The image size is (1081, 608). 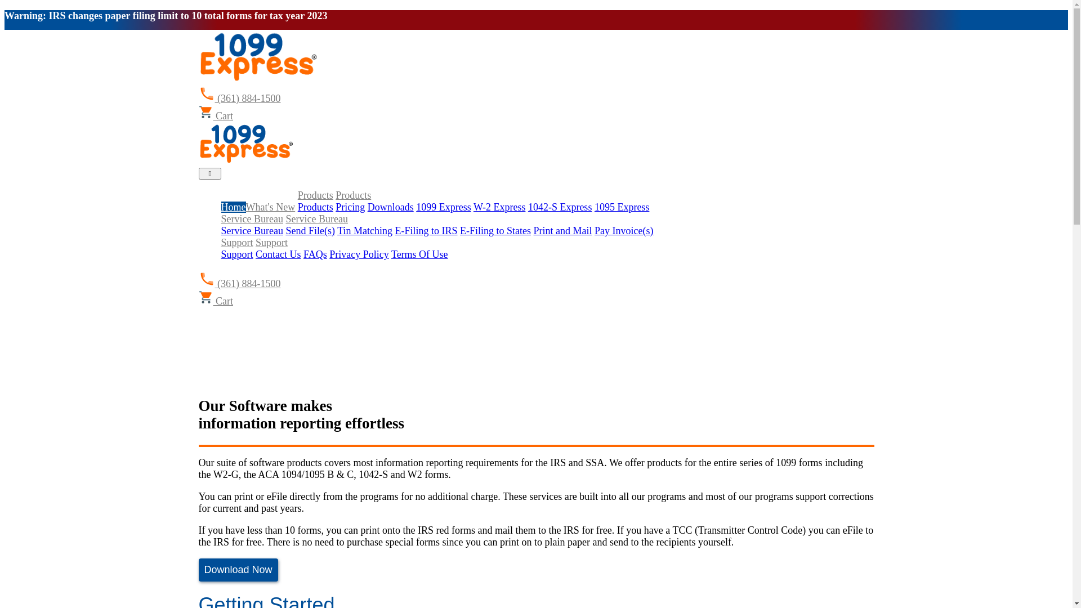 I want to click on 'Products', so click(x=315, y=207).